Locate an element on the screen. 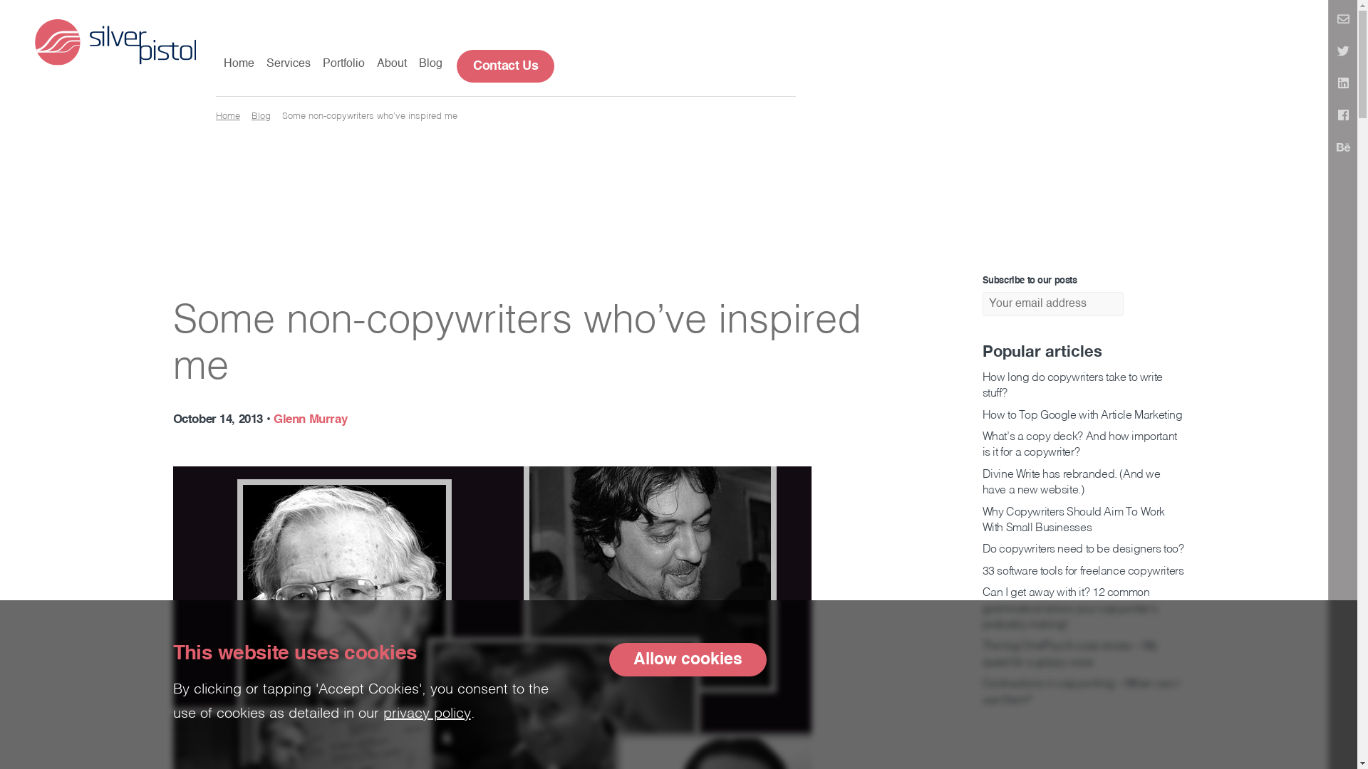 This screenshot has width=1368, height=769. 'Glenn Murray' is located at coordinates (274, 419).